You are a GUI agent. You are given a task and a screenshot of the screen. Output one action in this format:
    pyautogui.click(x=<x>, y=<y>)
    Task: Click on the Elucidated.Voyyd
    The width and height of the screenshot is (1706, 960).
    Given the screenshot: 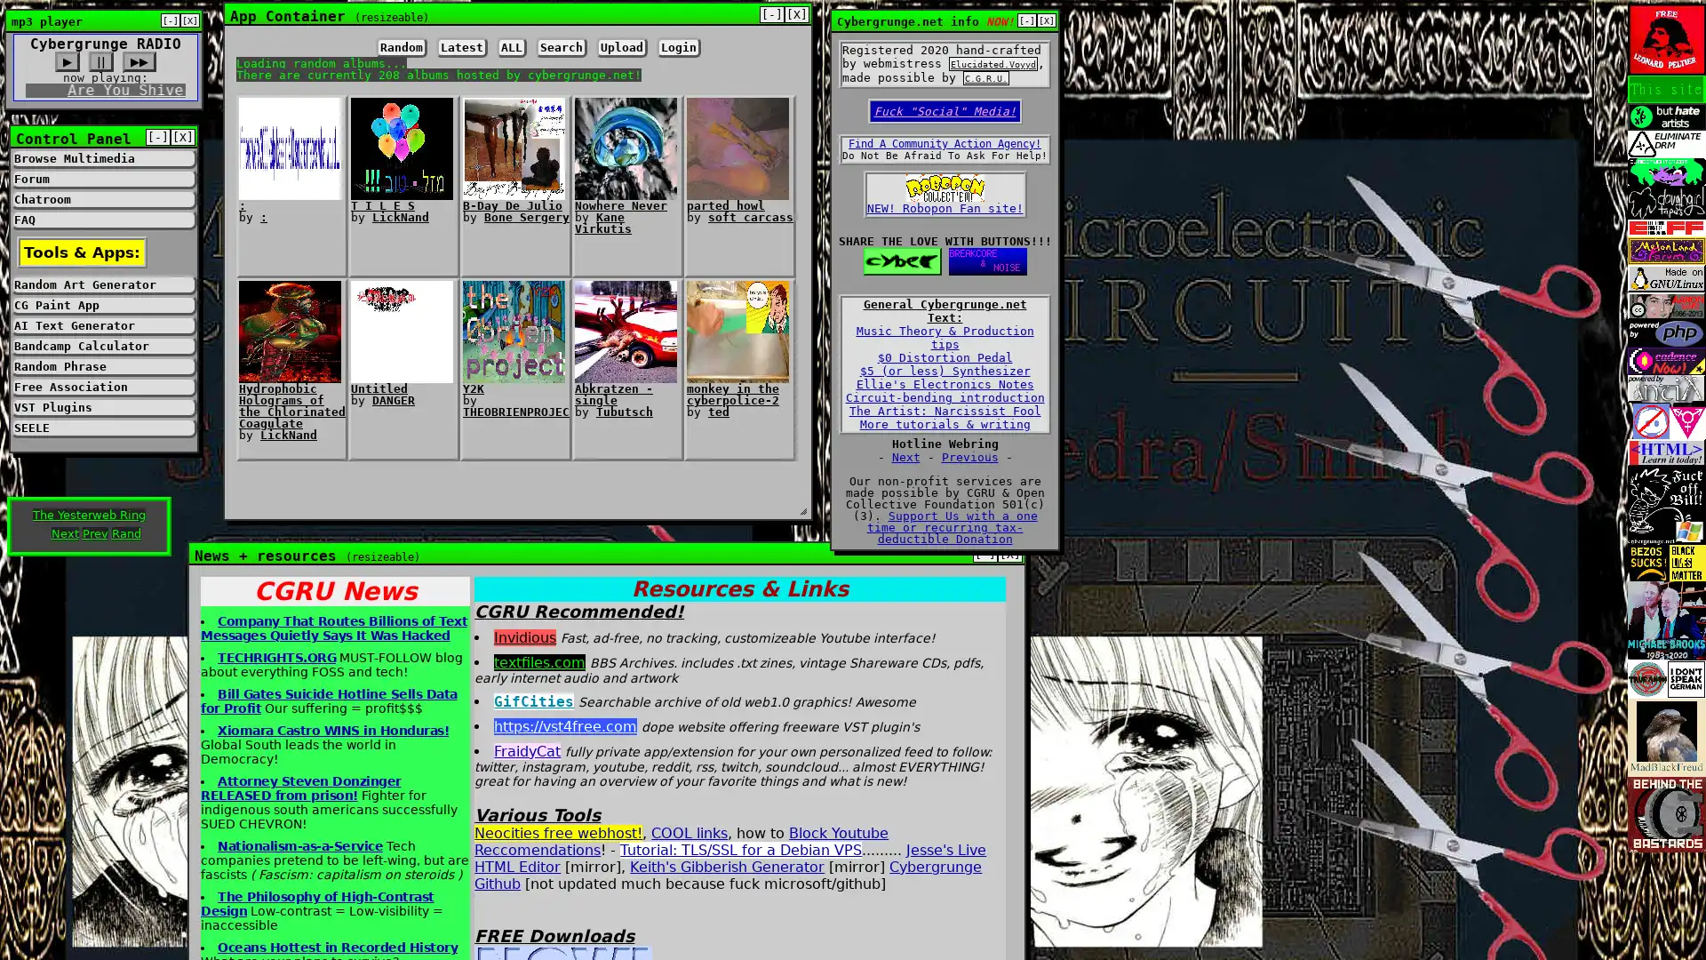 What is the action you would take?
    pyautogui.click(x=993, y=63)
    